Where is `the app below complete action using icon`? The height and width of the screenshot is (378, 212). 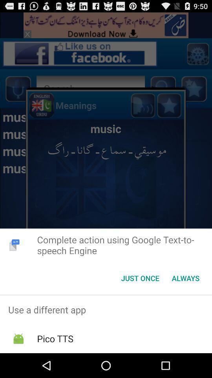
the app below complete action using icon is located at coordinates (140, 278).